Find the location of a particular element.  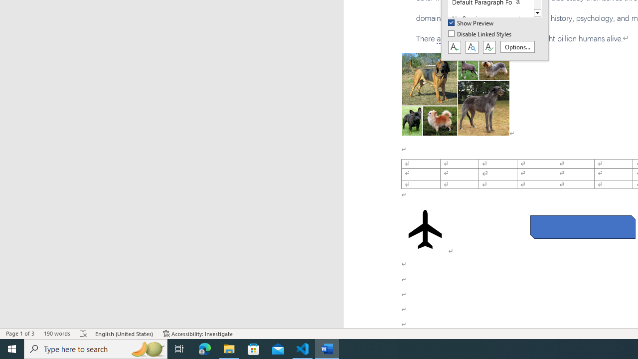

'Rectangle: Diagonal Corners Snipped 2' is located at coordinates (583, 227).